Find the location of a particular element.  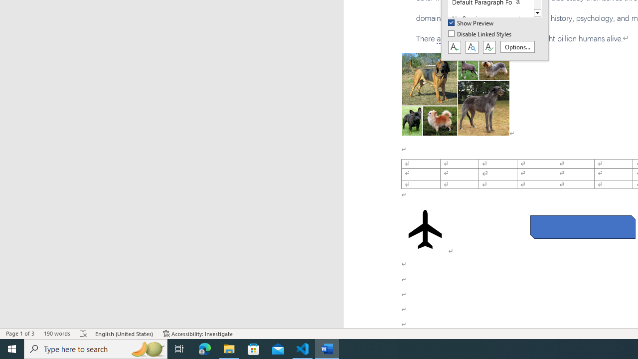

'Rectangle: Diagonal Corners Snipped 2' is located at coordinates (583, 227).